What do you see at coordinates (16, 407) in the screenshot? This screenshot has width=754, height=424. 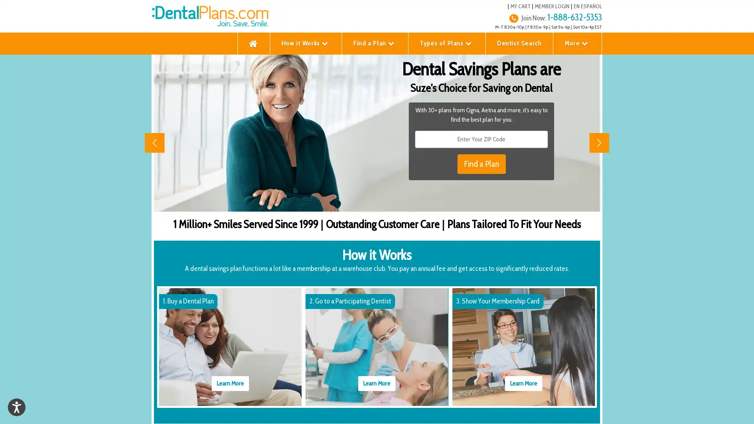 I see `Open accessibility options, statement and help` at bounding box center [16, 407].